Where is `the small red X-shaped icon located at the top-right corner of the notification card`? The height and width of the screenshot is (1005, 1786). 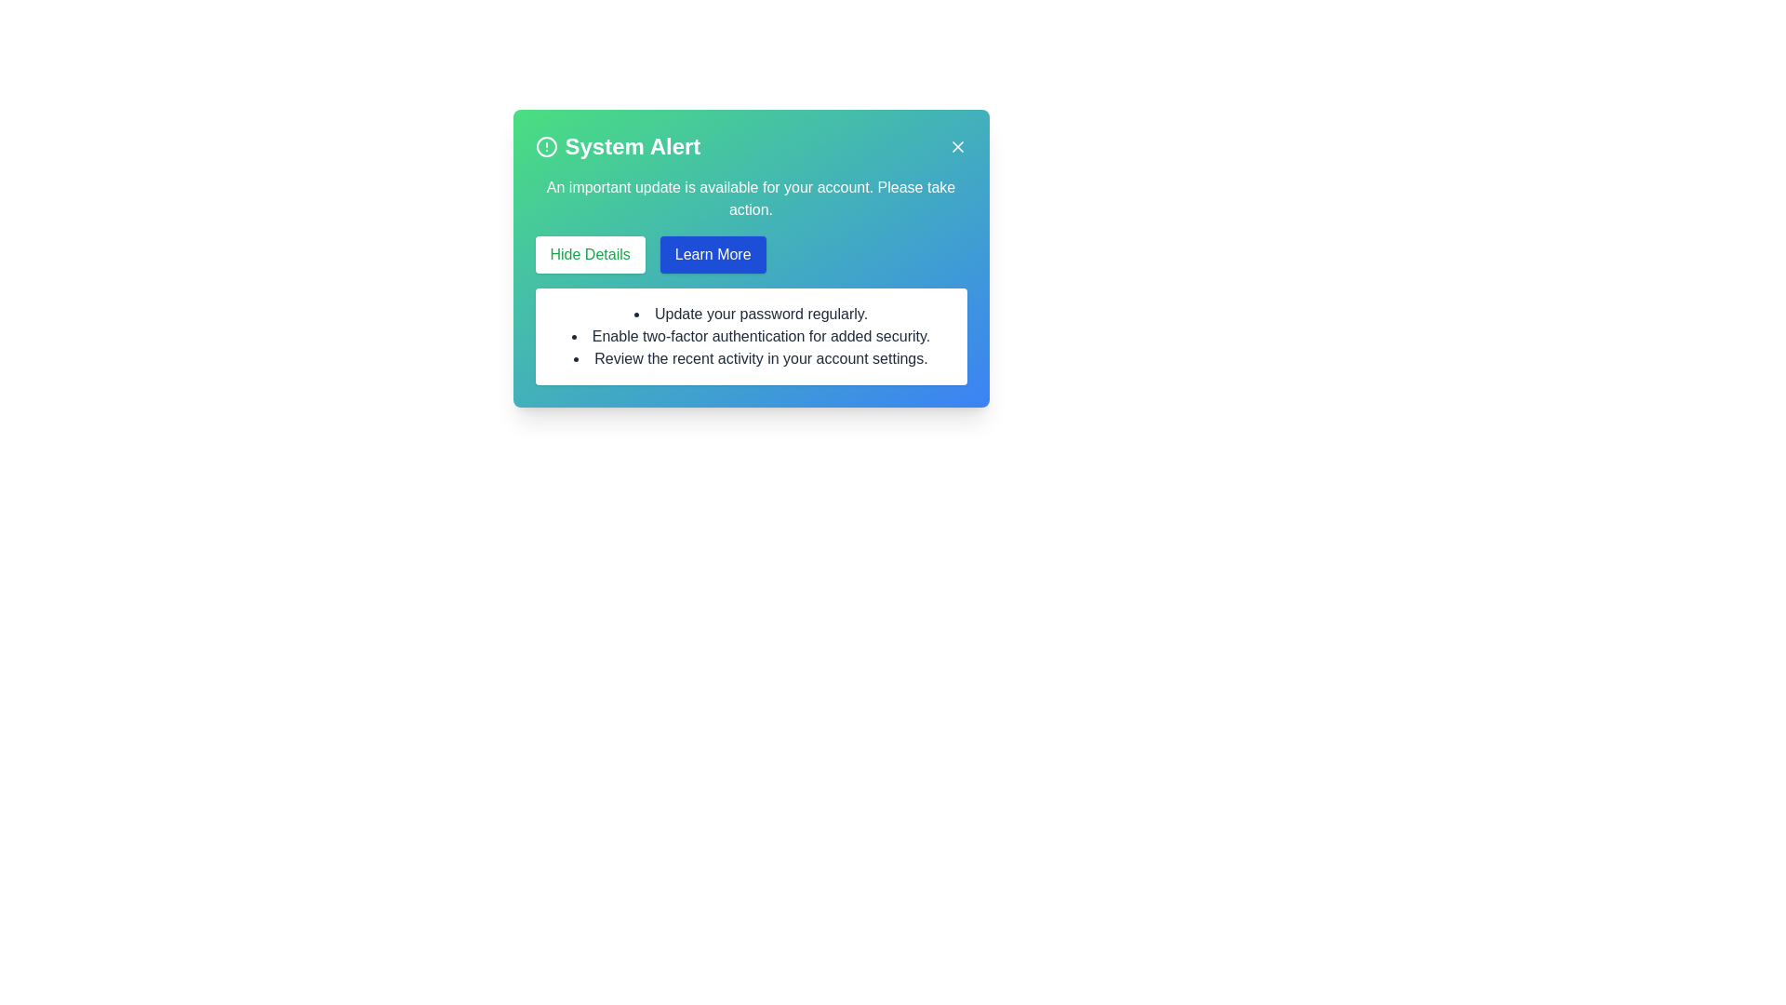
the small red X-shaped icon located at the top-right corner of the notification card is located at coordinates (957, 146).